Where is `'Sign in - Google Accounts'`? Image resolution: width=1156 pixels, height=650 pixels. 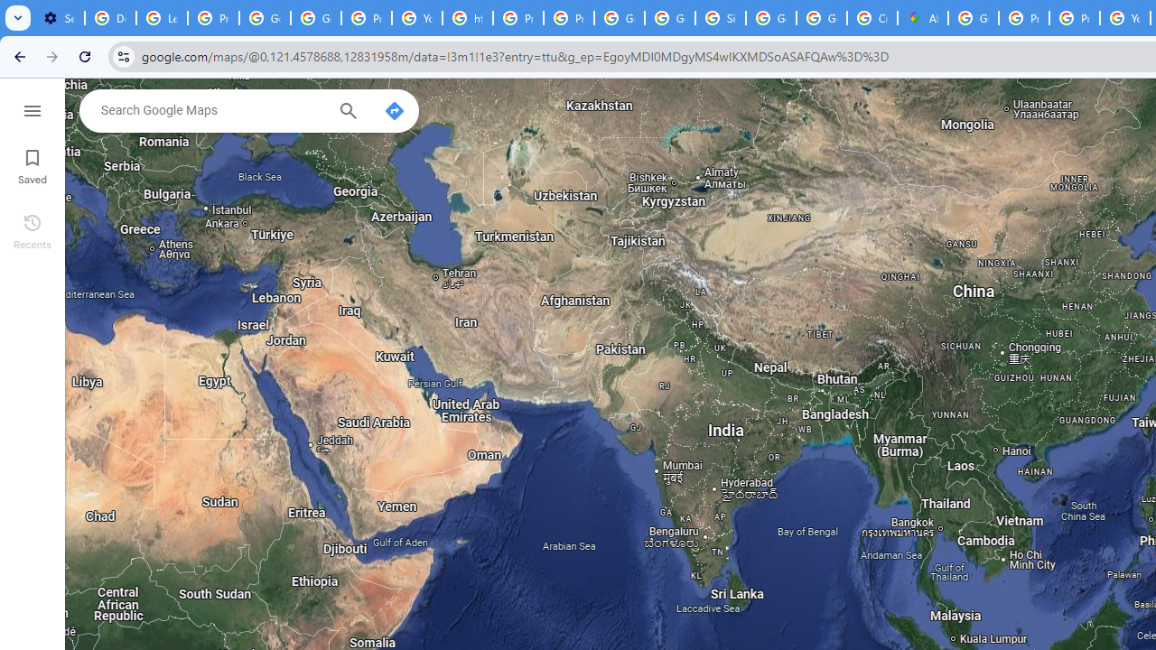
'Sign in - Google Accounts' is located at coordinates (720, 18).